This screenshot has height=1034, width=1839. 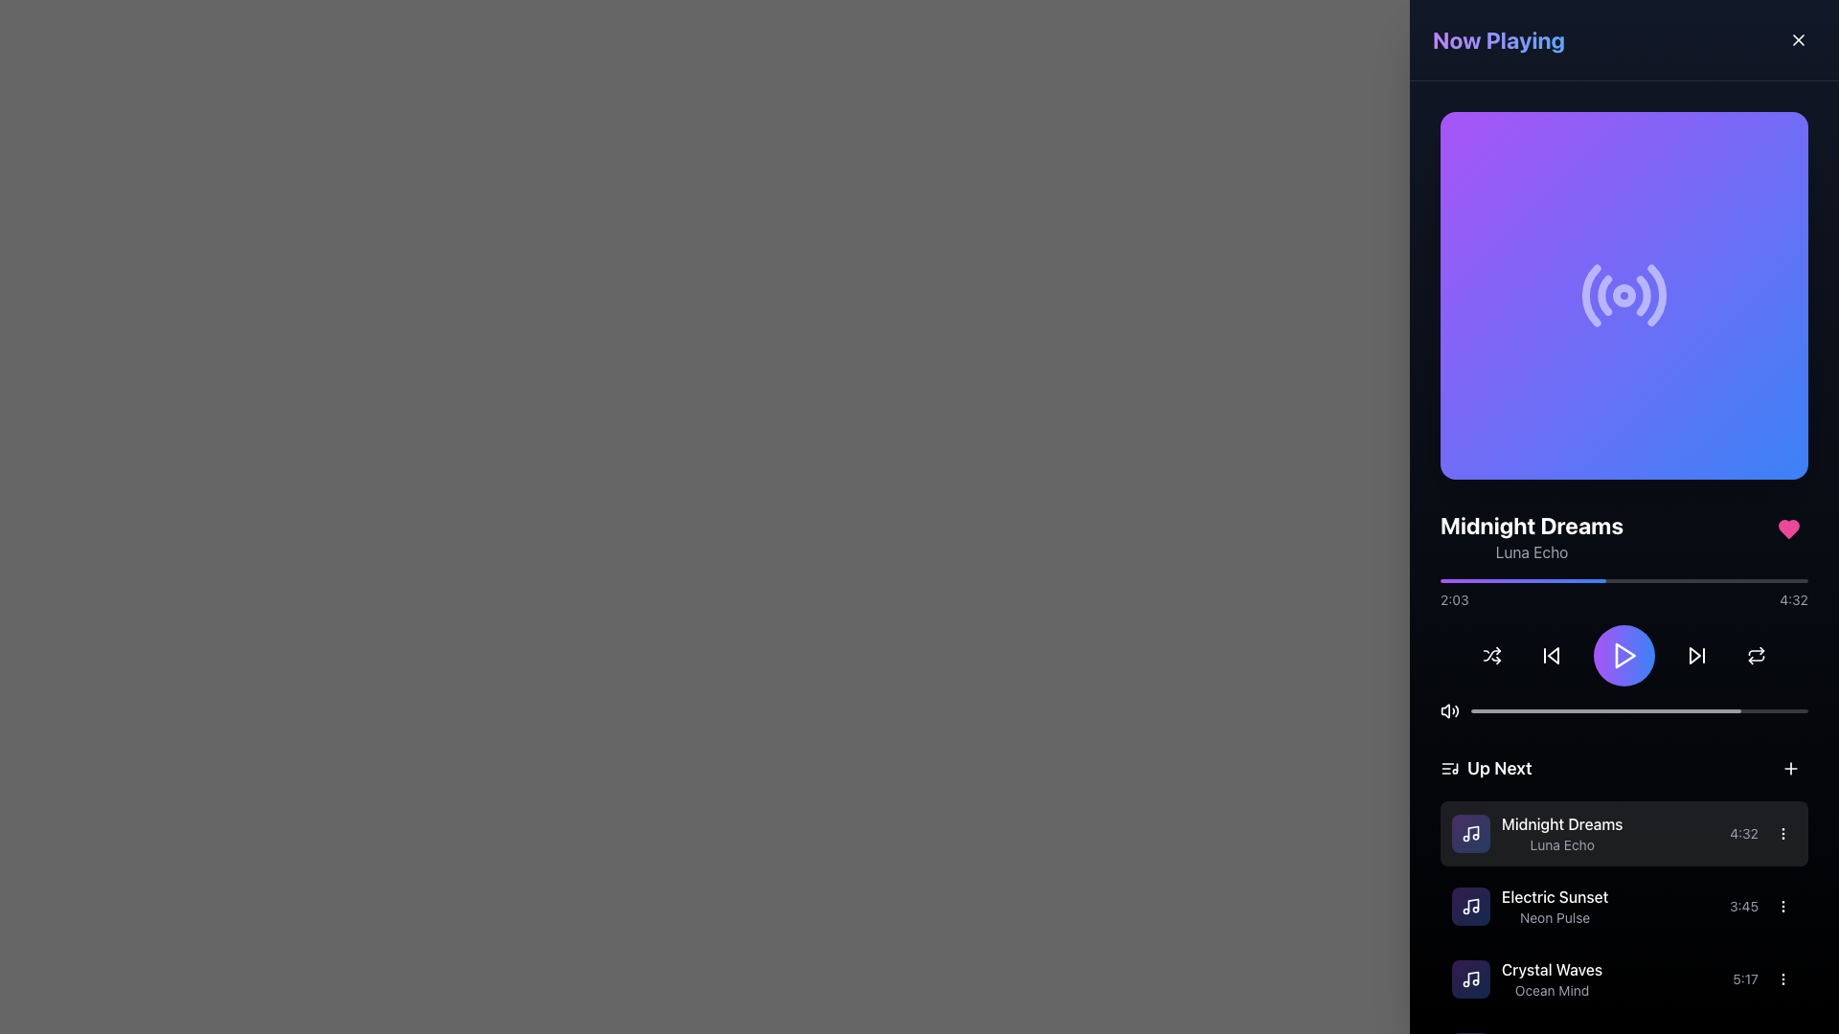 I want to click on the decorative element of the music note icon located next to the first item 'Midnight Dreams' in the 'Up Next' list, so click(x=1472, y=905).